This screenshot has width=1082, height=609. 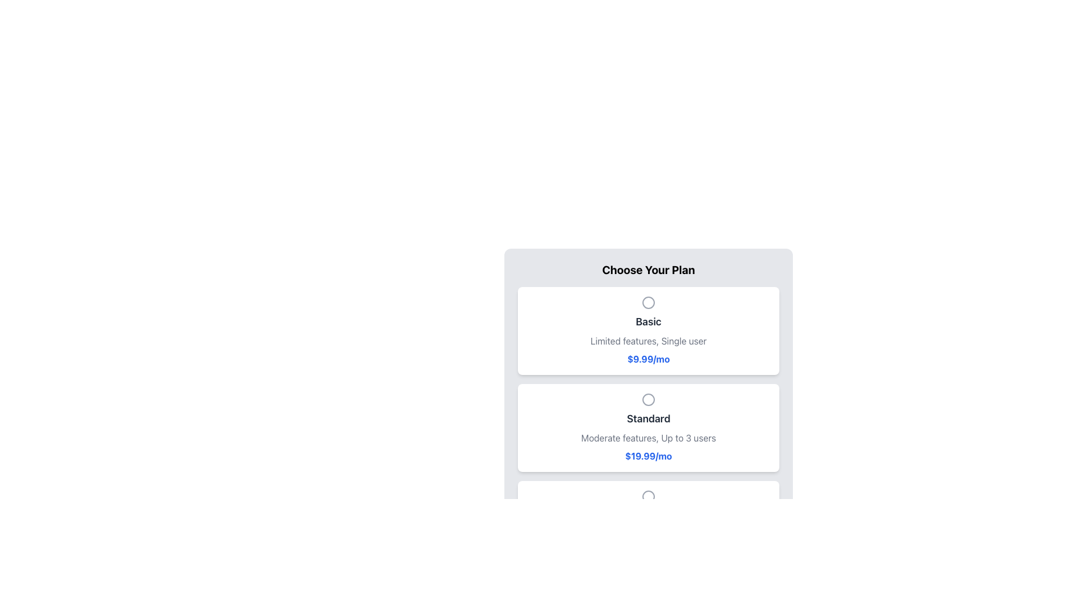 What do you see at coordinates (649, 428) in the screenshot?
I see `the second selection card in the 'Choose Your Plan' section` at bounding box center [649, 428].